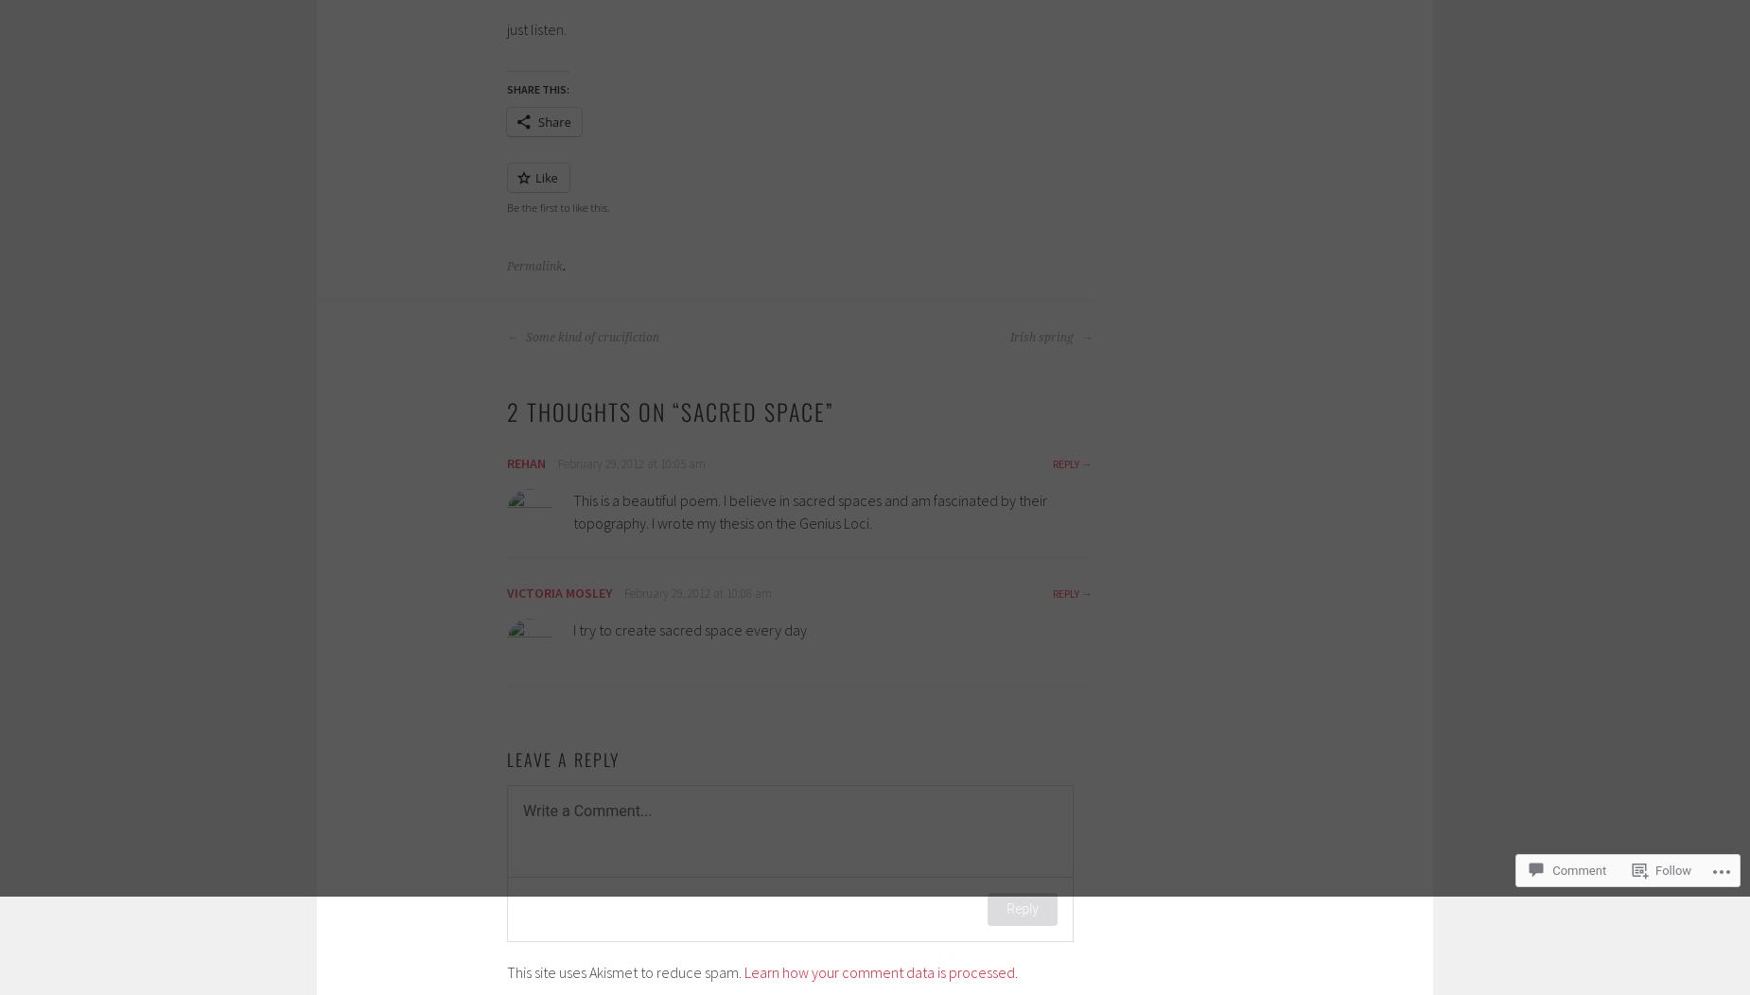  What do you see at coordinates (878, 971) in the screenshot?
I see `'Learn how your comment data is processed'` at bounding box center [878, 971].